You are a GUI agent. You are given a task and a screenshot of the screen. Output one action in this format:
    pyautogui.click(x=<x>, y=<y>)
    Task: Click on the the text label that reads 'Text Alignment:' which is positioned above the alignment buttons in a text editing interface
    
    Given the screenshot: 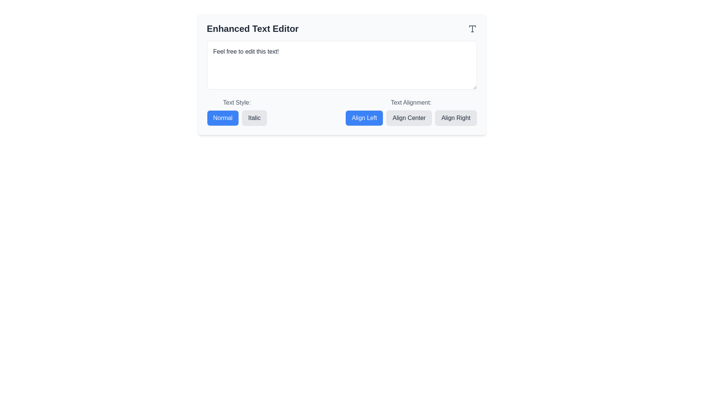 What is the action you would take?
    pyautogui.click(x=411, y=102)
    